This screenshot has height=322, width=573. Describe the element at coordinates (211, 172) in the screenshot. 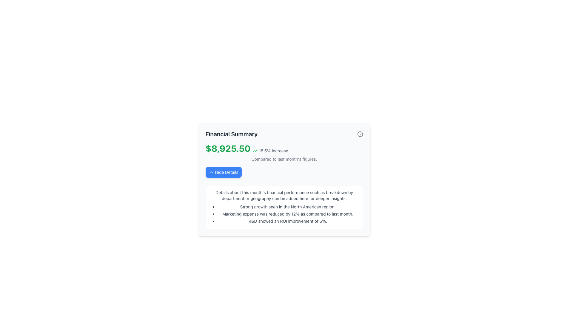

I see `the Chevron-Up icon located to the left of the 'Hide Details' button` at that location.